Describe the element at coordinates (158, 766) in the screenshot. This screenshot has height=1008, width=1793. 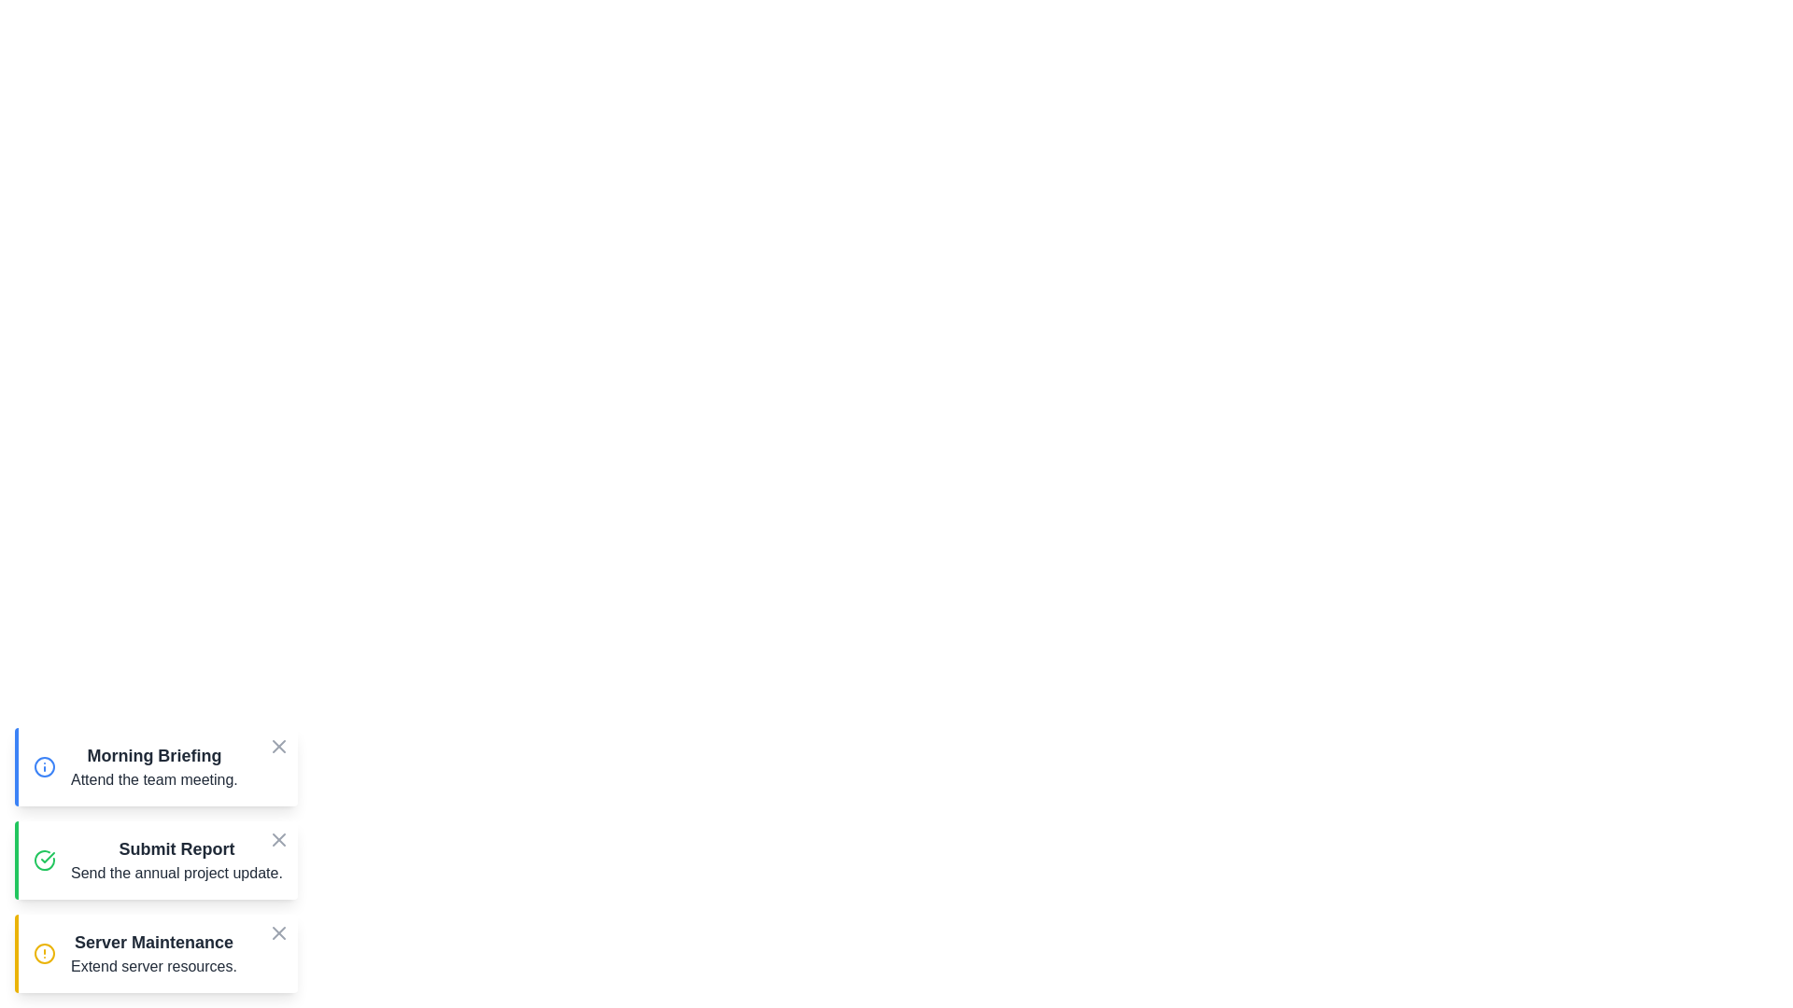
I see `the 'Morning Briefing' card element, which features a bold title and a descriptive sentence, positioned at the top of the card list` at that location.